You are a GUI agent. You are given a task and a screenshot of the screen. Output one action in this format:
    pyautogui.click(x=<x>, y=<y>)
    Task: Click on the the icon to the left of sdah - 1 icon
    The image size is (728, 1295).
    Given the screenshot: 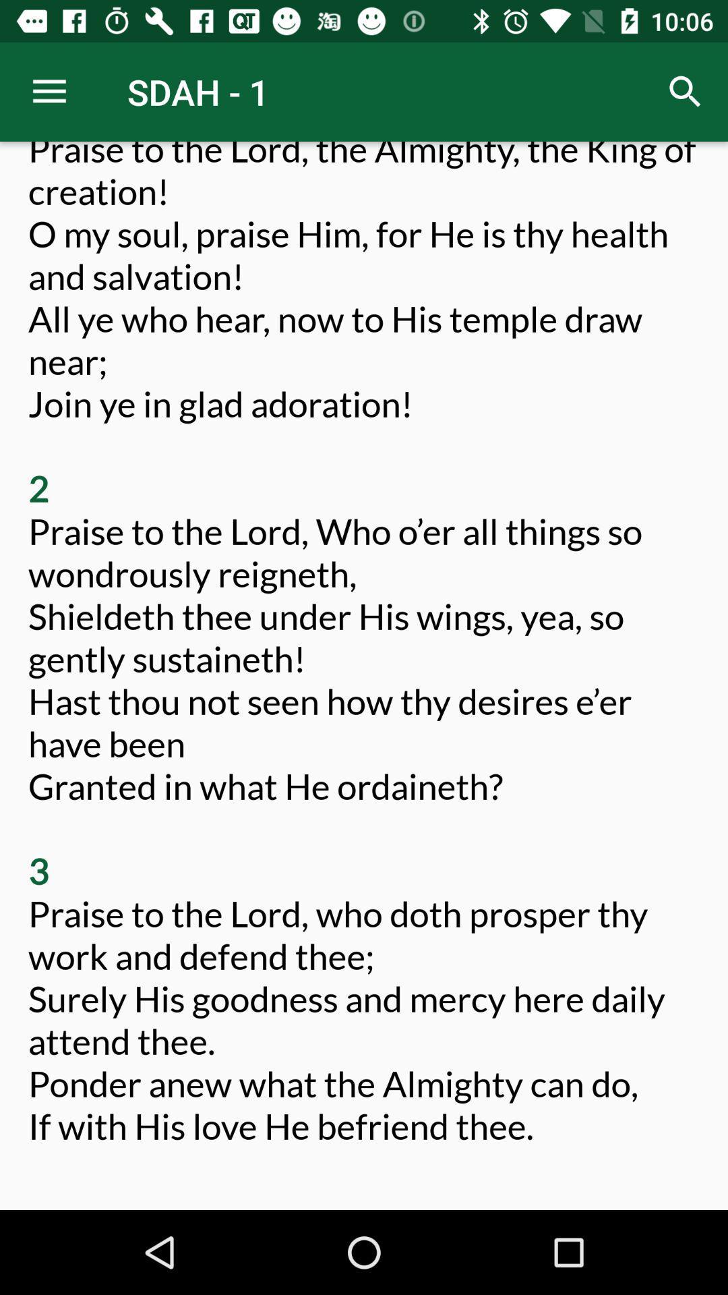 What is the action you would take?
    pyautogui.click(x=49, y=91)
    